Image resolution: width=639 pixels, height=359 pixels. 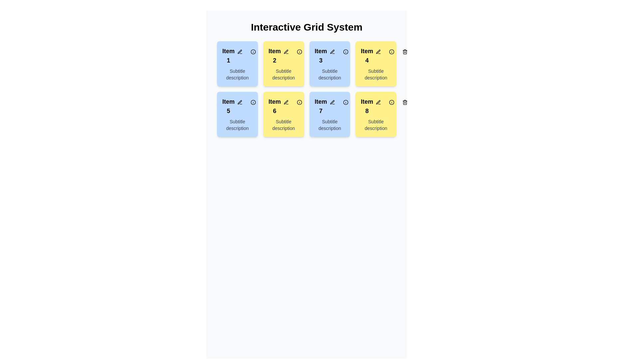 I want to click on the second icon button in the control set for 'Item 7', which is located immediately to the right of the first icon, so click(x=345, y=102).